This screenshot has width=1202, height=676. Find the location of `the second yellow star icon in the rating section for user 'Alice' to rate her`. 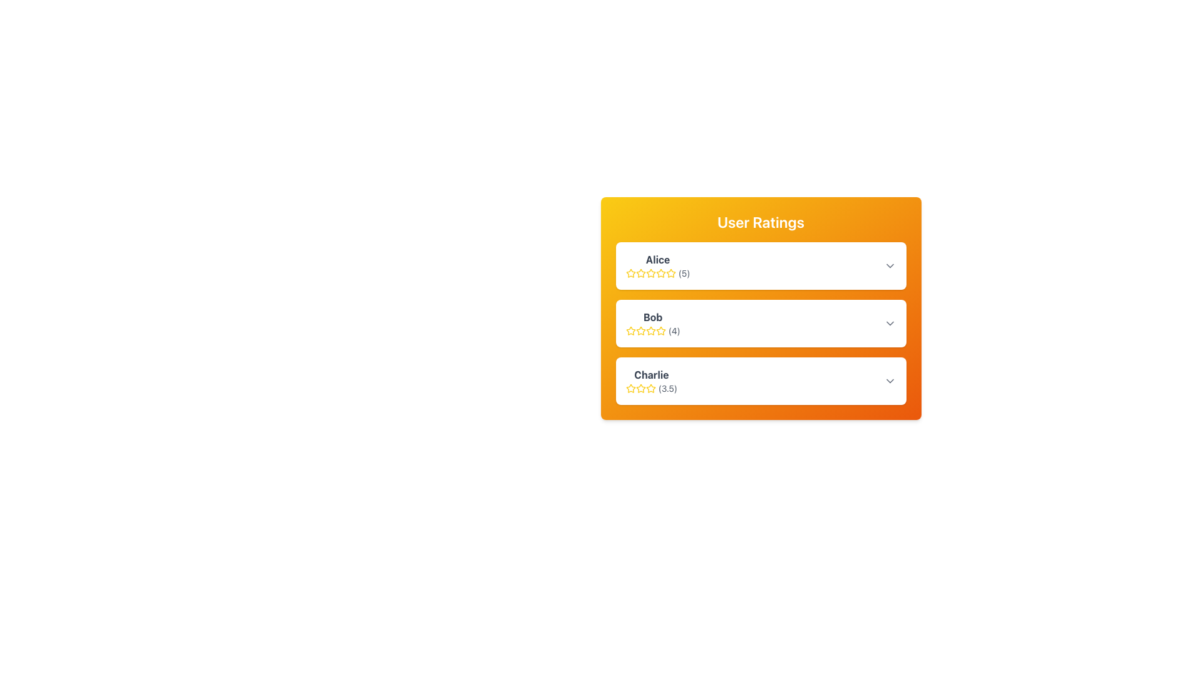

the second yellow star icon in the rating section for user 'Alice' to rate her is located at coordinates (650, 272).